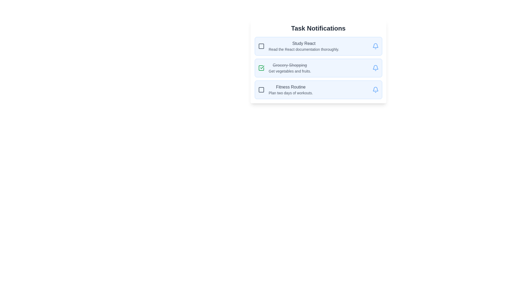 The width and height of the screenshot is (510, 287). Describe the element at coordinates (261, 46) in the screenshot. I see `the unchecked checkbox associated with the task 'Study React' to toggle its state` at that location.